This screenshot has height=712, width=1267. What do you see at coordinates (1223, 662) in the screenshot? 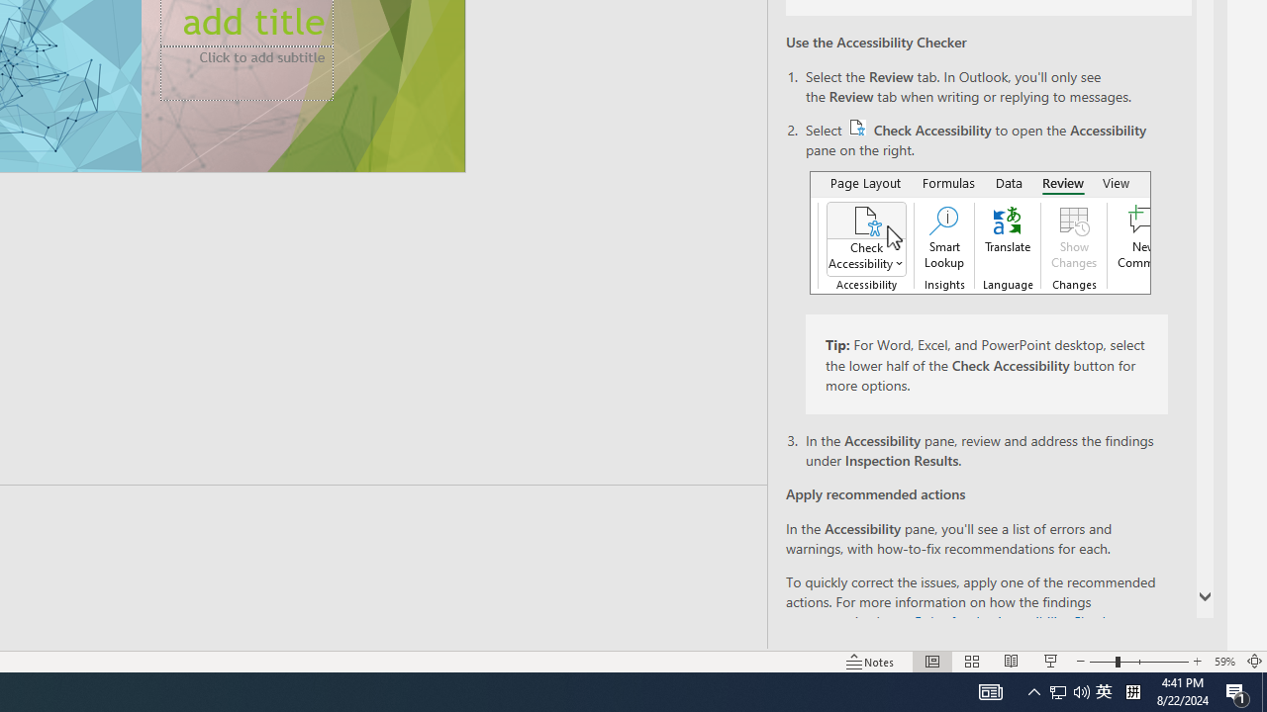
I see `'Zoom 59%'` at bounding box center [1223, 662].